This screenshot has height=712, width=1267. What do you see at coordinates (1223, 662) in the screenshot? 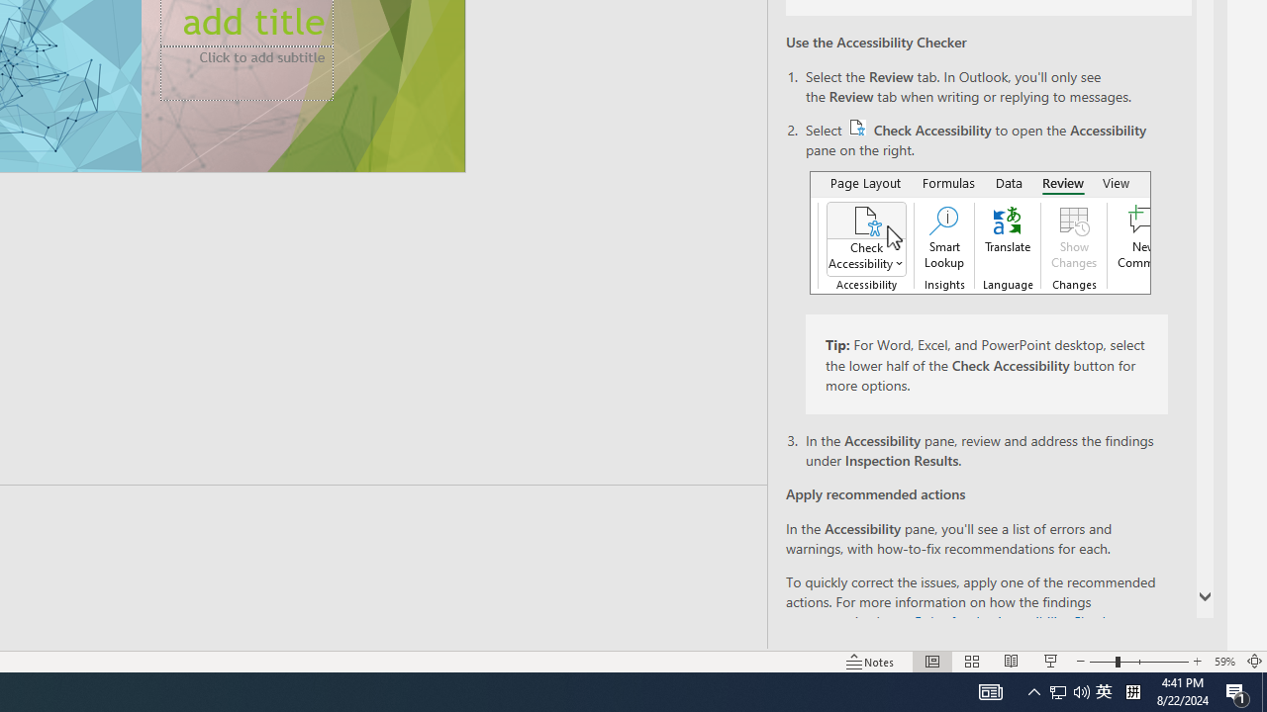
I see `'Zoom 59%'` at bounding box center [1223, 662].